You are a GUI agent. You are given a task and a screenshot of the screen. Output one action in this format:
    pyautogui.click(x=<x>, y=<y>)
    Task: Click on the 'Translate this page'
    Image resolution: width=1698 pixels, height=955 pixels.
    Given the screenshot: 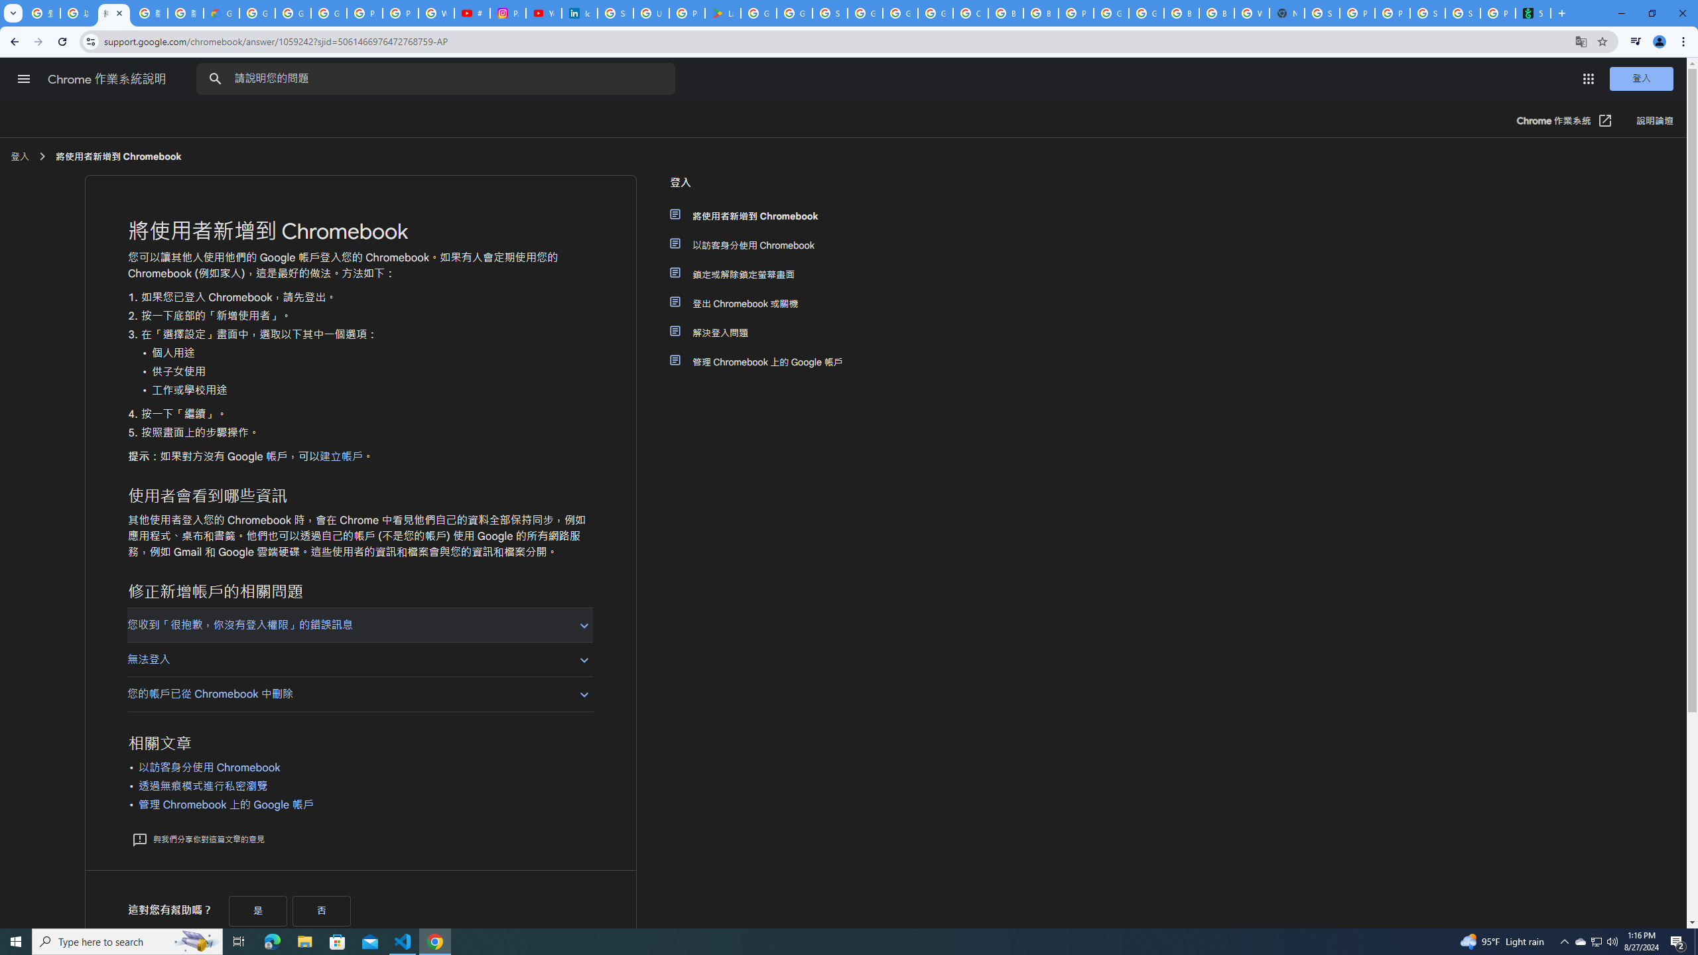 What is the action you would take?
    pyautogui.click(x=1581, y=40)
    